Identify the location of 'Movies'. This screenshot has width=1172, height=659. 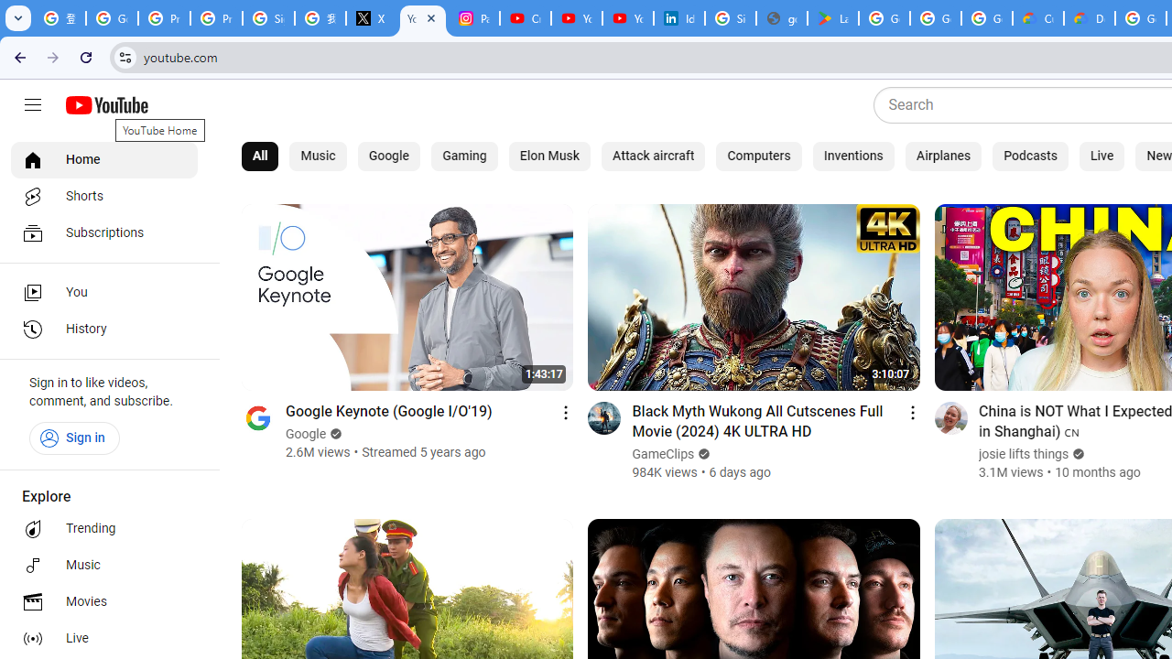
(103, 602).